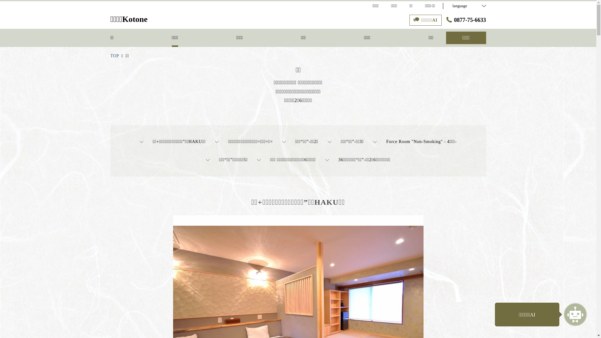 This screenshot has width=601, height=338. Describe the element at coordinates (110, 55) in the screenshot. I see `'TOP'` at that location.